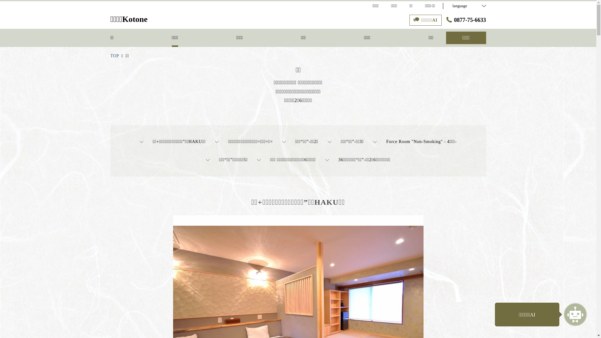 This screenshot has width=601, height=338. Describe the element at coordinates (110, 55) in the screenshot. I see `'TOP'` at that location.